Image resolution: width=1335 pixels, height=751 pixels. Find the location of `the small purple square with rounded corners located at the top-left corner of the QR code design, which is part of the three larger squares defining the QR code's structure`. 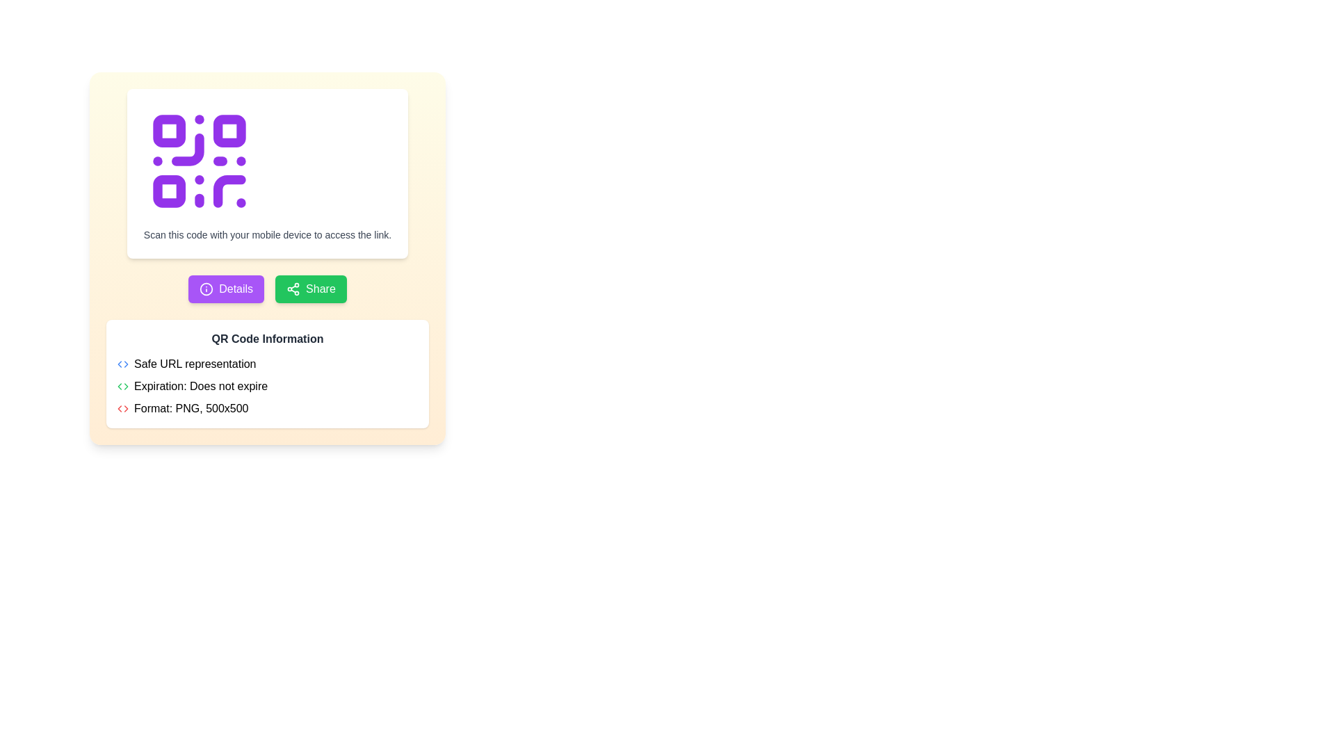

the small purple square with rounded corners located at the top-left corner of the QR code design, which is part of the three larger squares defining the QR code's structure is located at coordinates (168, 131).